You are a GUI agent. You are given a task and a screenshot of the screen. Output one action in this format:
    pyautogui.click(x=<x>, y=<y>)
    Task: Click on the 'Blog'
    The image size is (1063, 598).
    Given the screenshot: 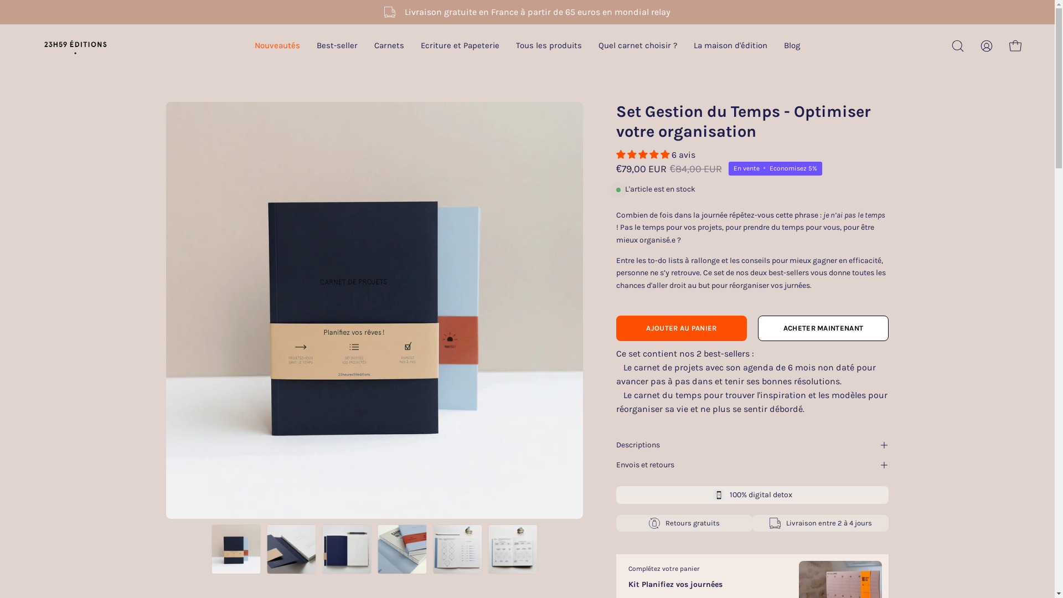 What is the action you would take?
    pyautogui.click(x=791, y=45)
    